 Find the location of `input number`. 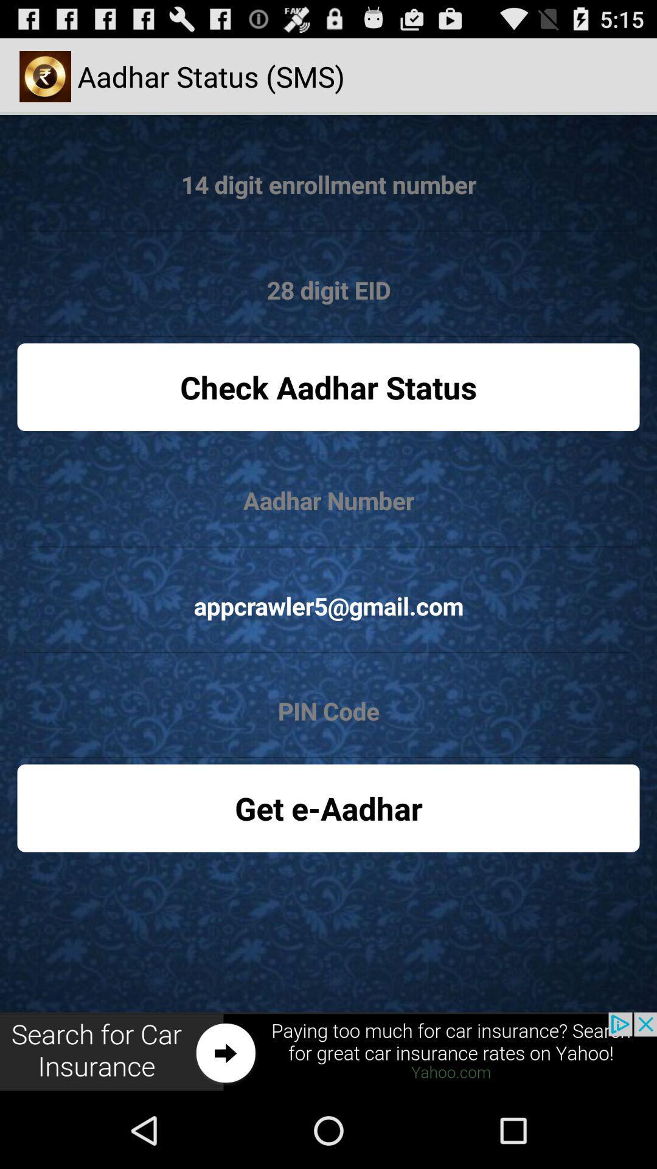

input number is located at coordinates (328, 501).